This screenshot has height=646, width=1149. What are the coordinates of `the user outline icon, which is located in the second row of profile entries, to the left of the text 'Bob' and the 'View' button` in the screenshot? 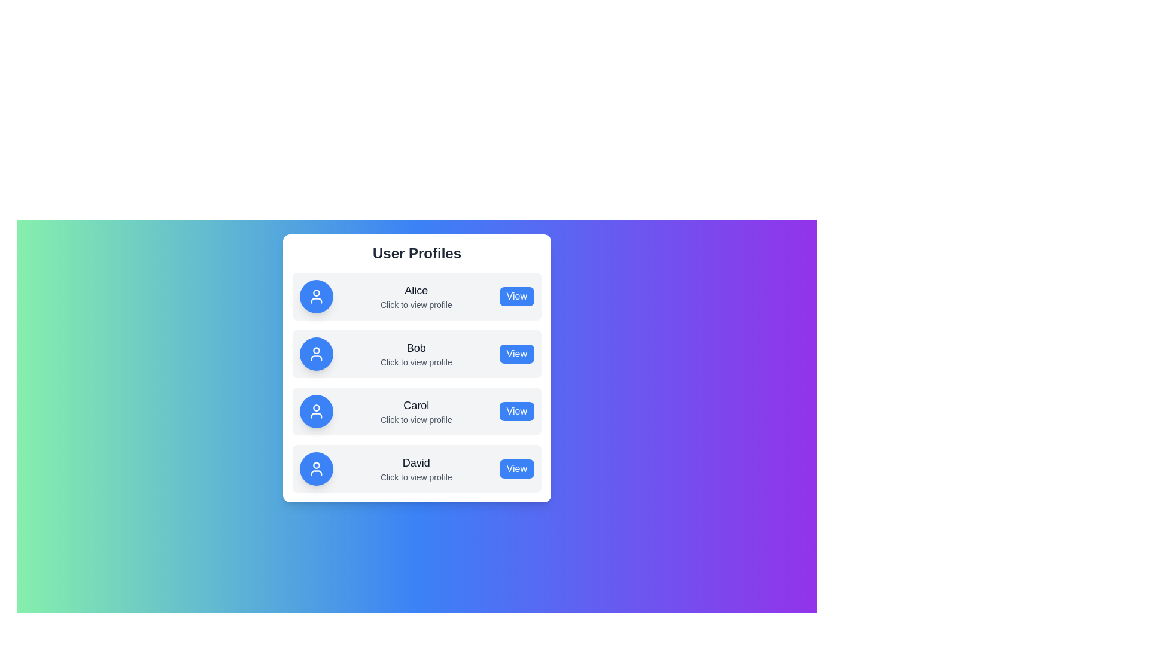 It's located at (316, 353).